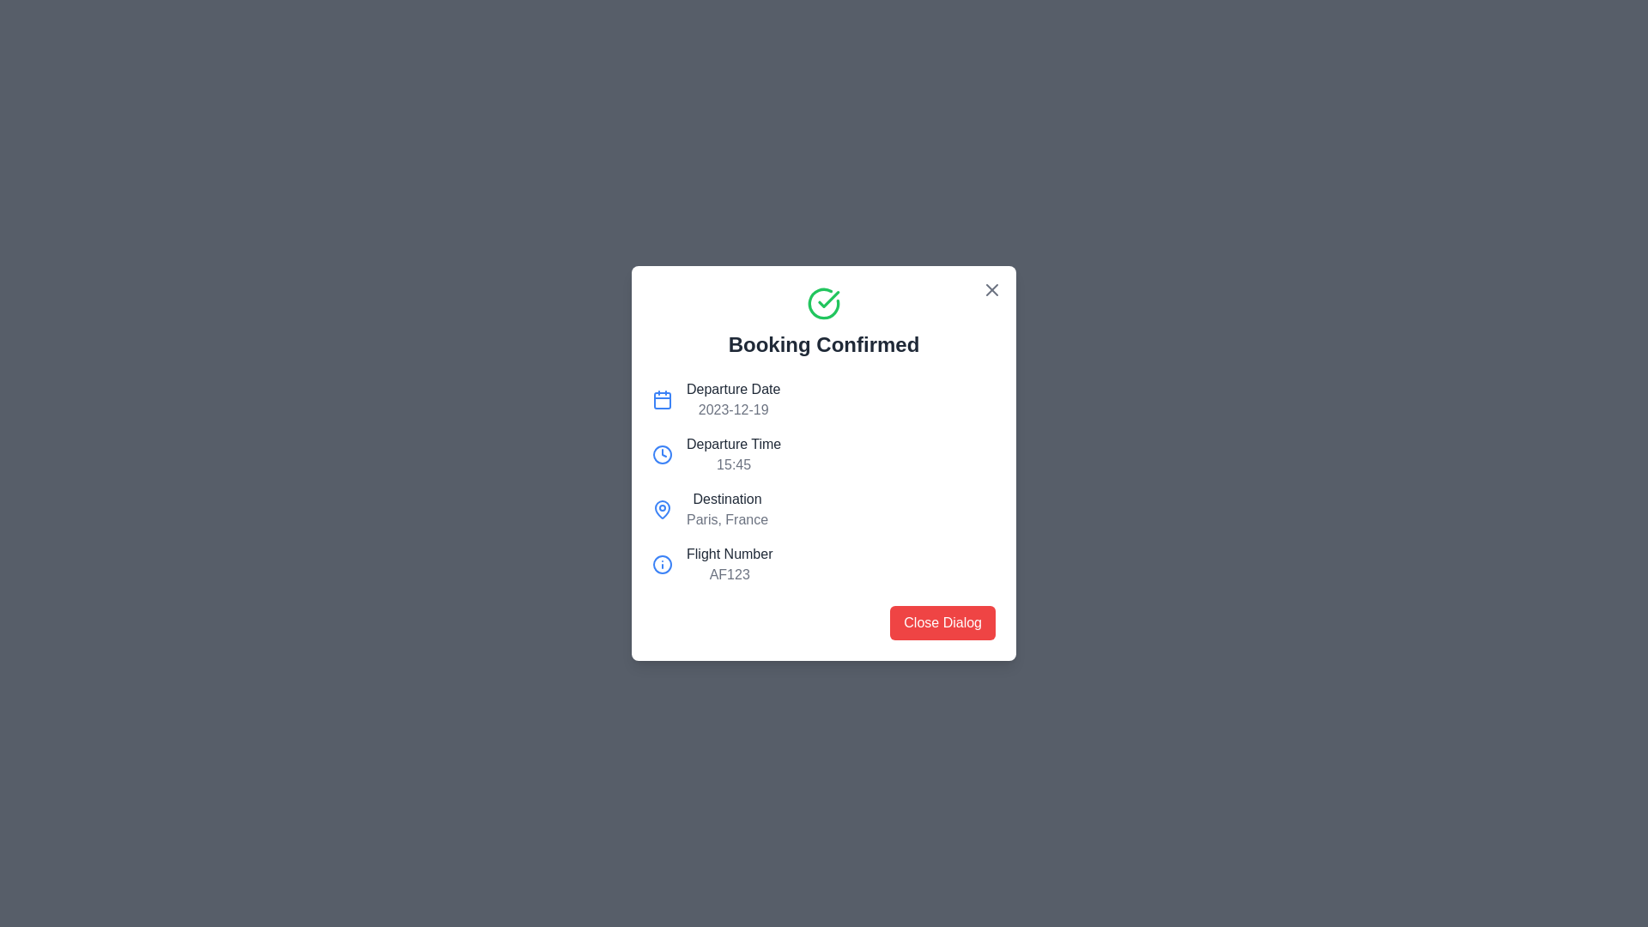 The height and width of the screenshot is (927, 1648). What do you see at coordinates (733, 400) in the screenshot?
I see `the static text display that conveys the departure date of a booking, located in the top-left section of the booking details modal, above the 'Departure Time' detail` at bounding box center [733, 400].